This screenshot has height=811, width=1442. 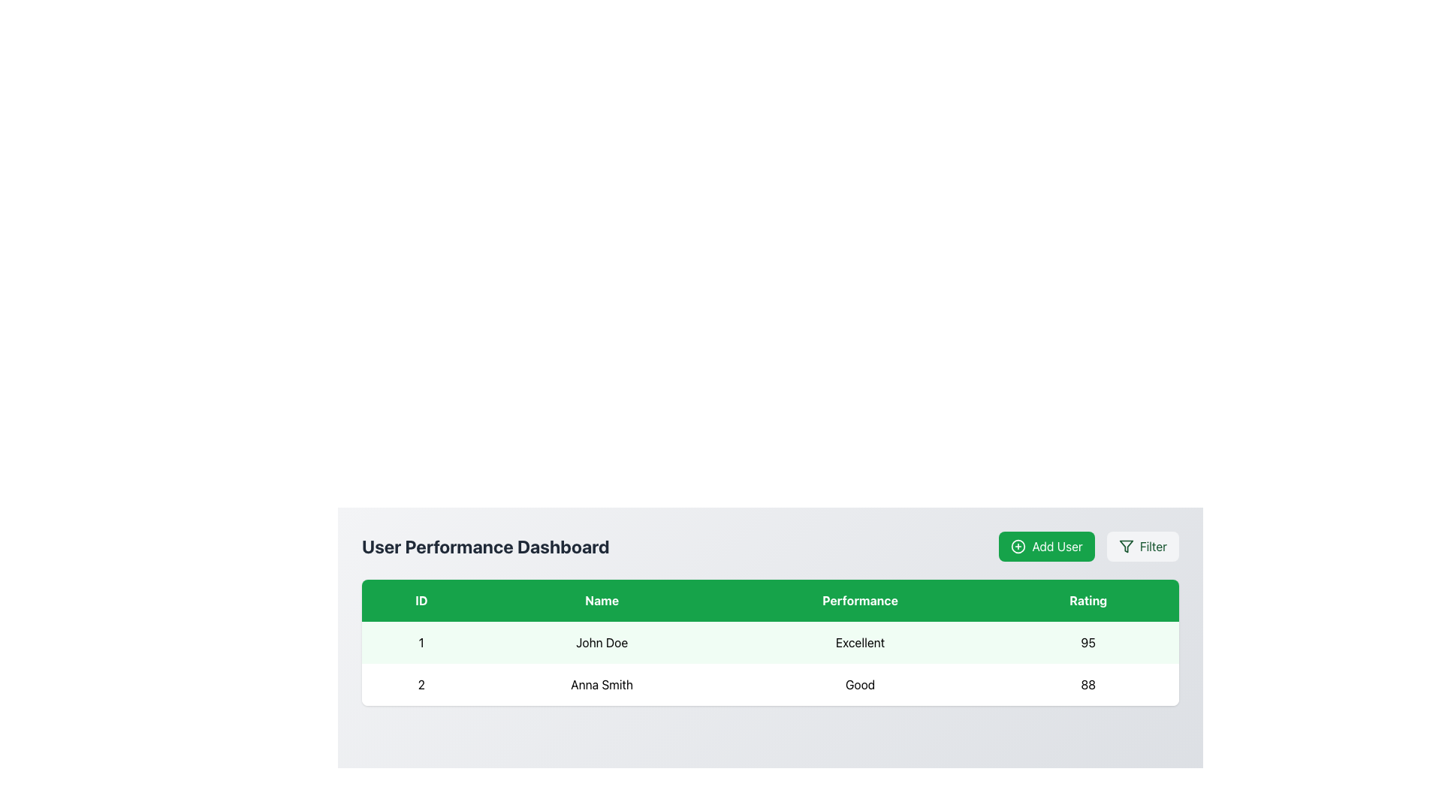 I want to click on the 'Add User' button located in the top-right corner of the 'User Performance Dashboard' section, which is immediately to the left of the gray 'Filter' button, so click(x=1089, y=547).